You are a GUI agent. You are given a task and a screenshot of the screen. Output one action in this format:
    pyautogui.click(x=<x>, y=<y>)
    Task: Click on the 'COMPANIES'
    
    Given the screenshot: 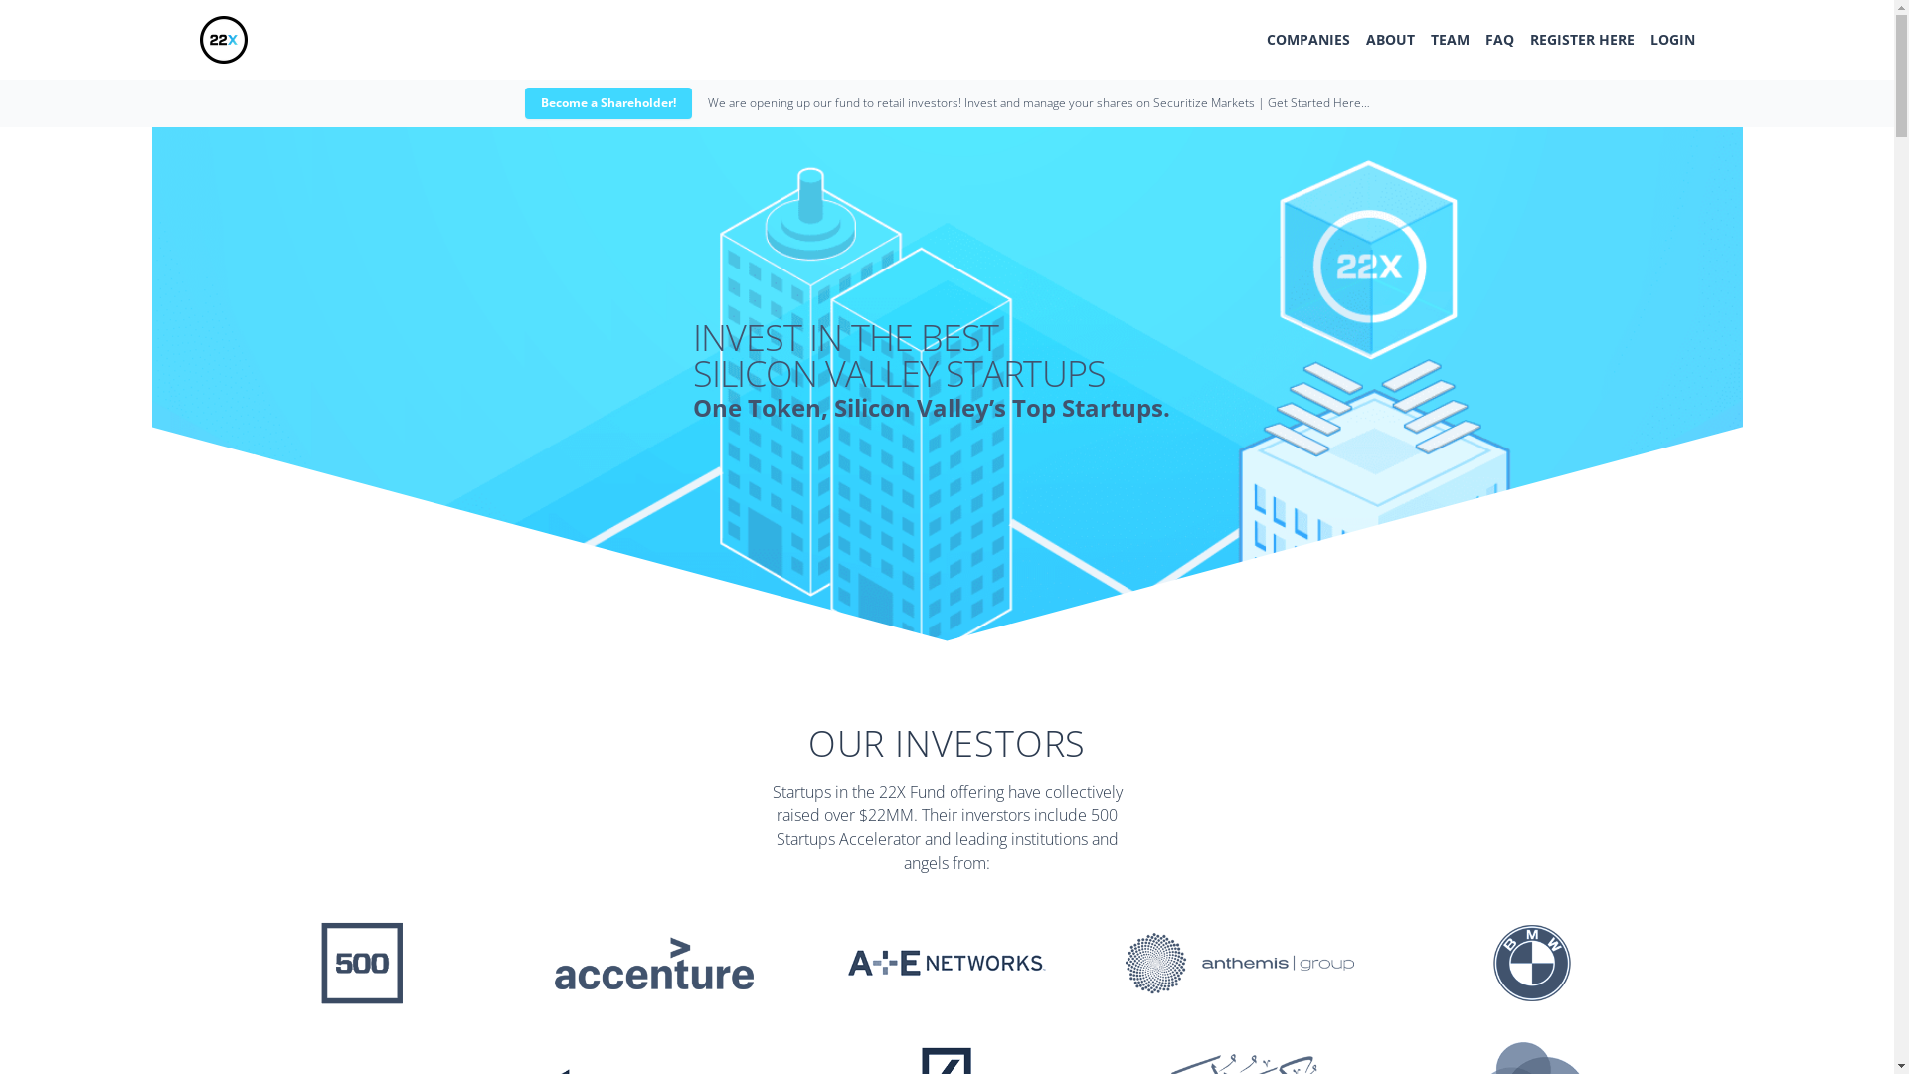 What is the action you would take?
    pyautogui.click(x=1307, y=39)
    